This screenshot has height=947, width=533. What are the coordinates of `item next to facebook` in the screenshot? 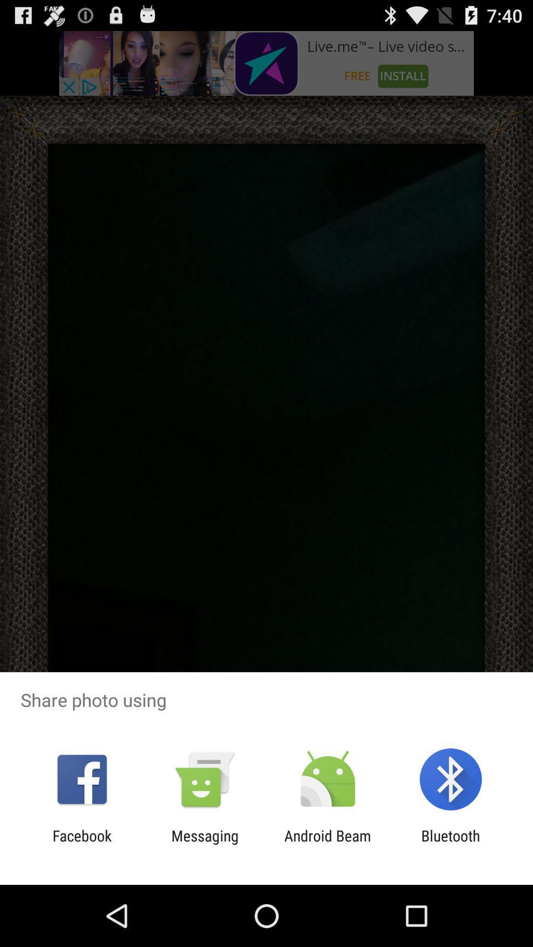 It's located at (204, 844).